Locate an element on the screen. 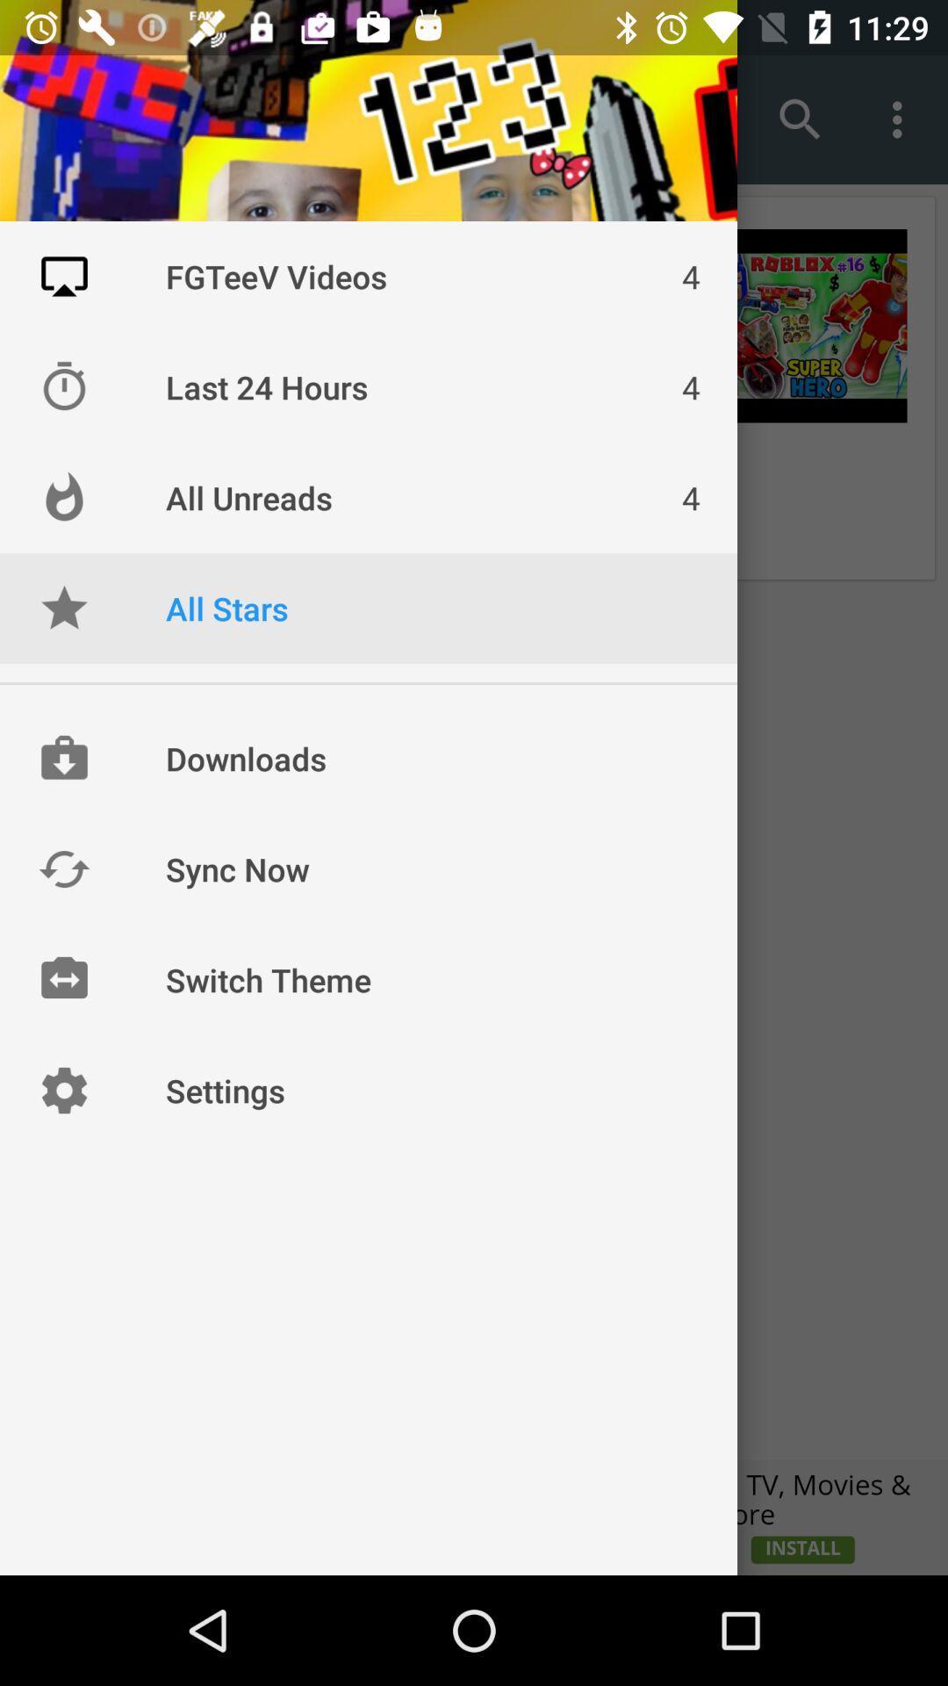 This screenshot has height=1686, width=948. the all stars icon is located at coordinates (63, 608).